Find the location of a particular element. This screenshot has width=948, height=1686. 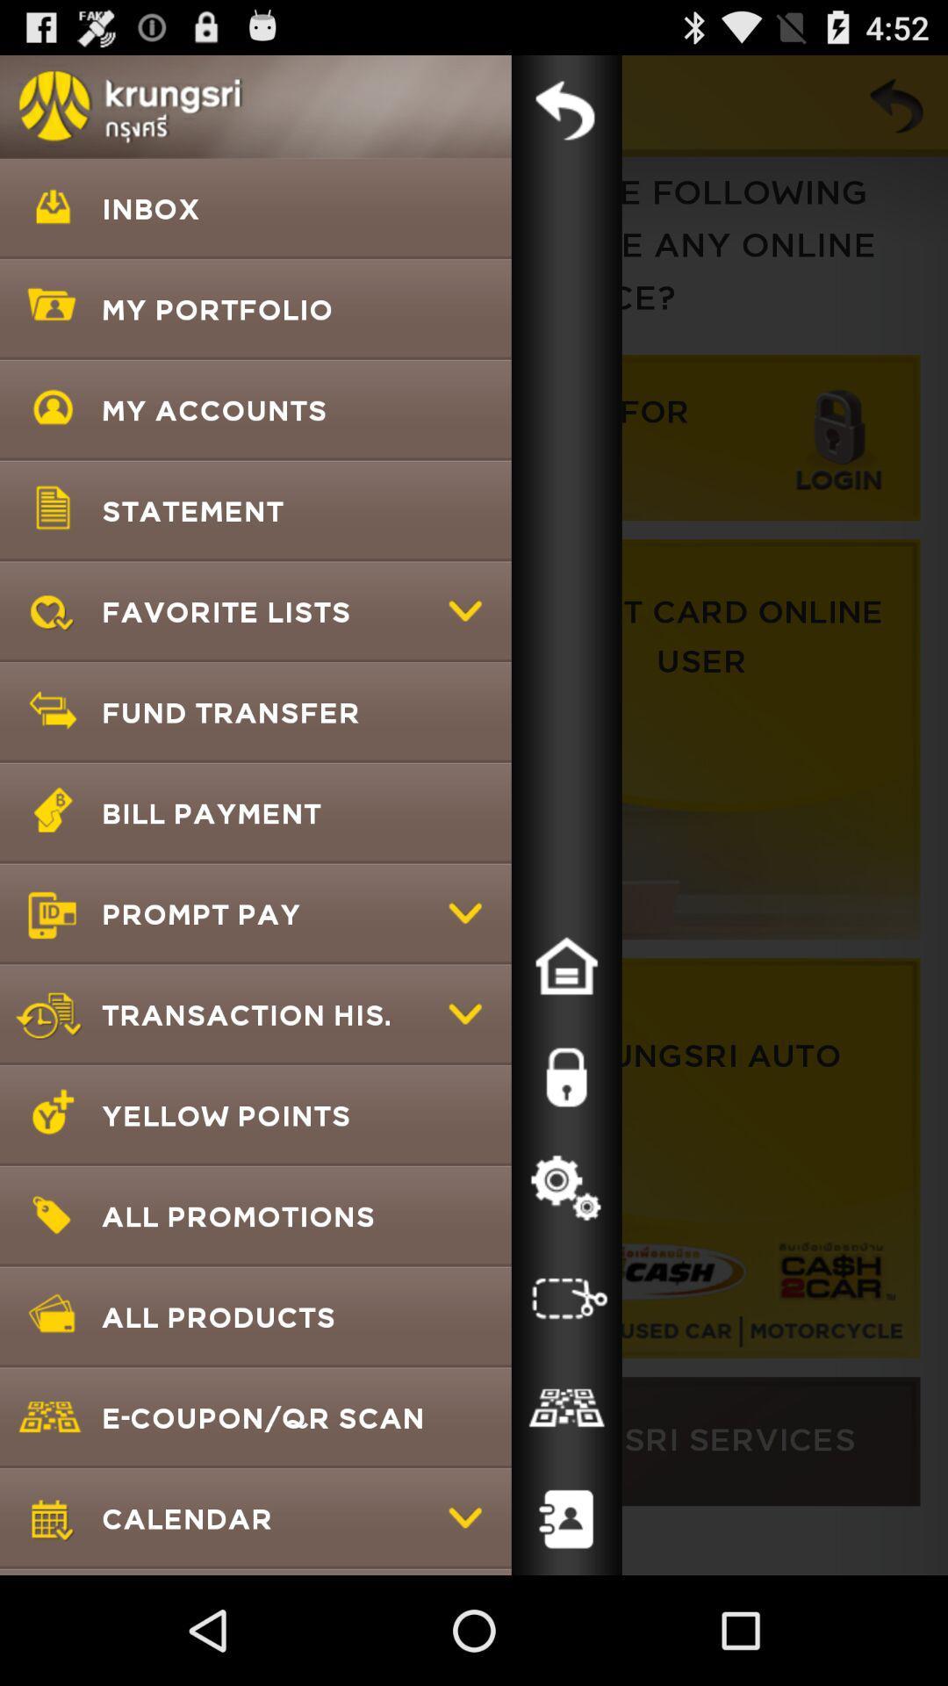

go to is located at coordinates (566, 965).